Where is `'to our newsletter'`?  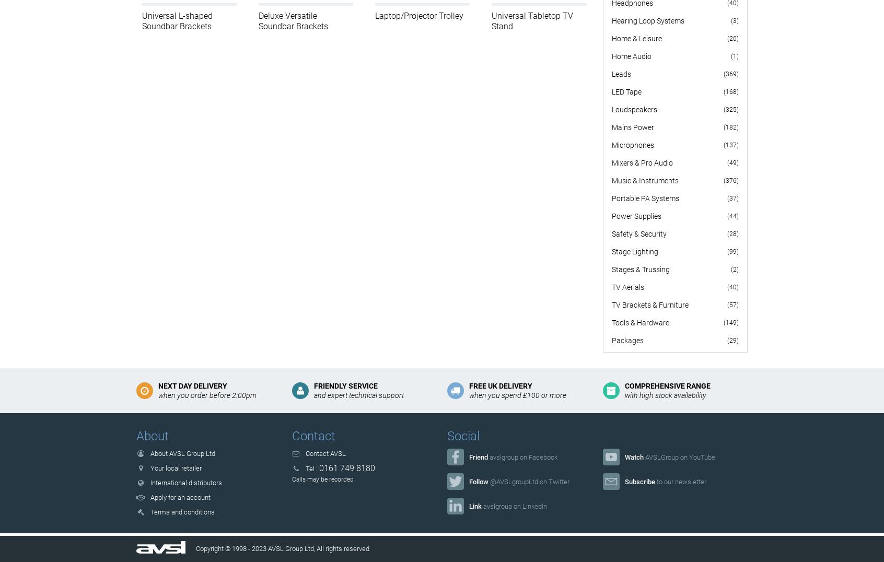
'to our newsletter' is located at coordinates (679, 481).